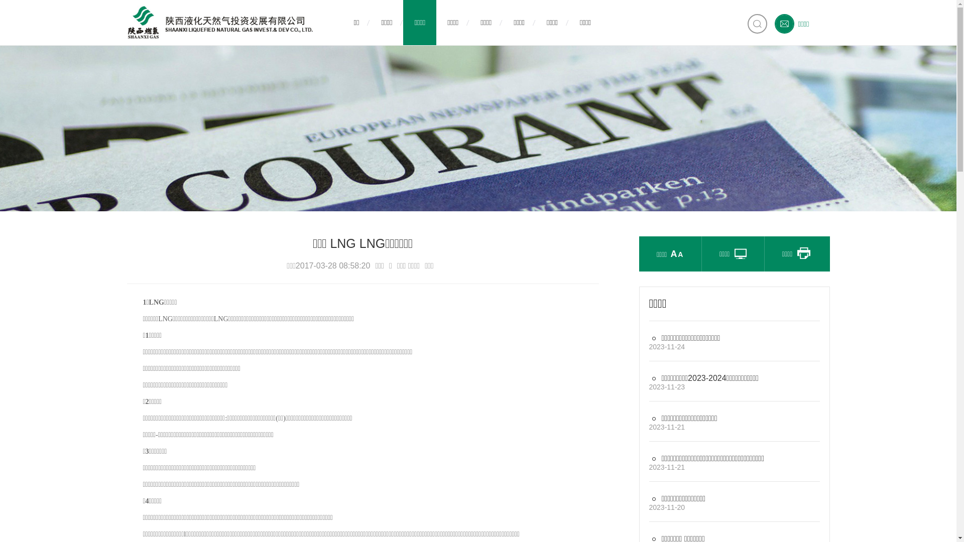 The height and width of the screenshot is (542, 964). I want to click on 'A', so click(677, 240).